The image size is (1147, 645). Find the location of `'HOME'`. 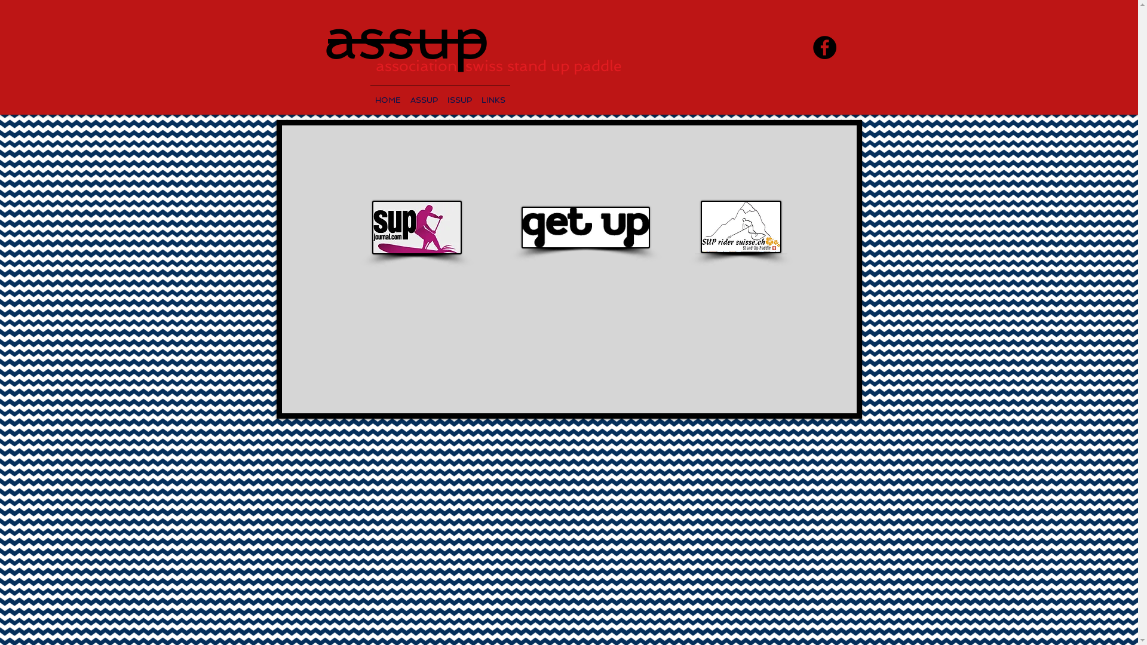

'HOME' is located at coordinates (388, 94).